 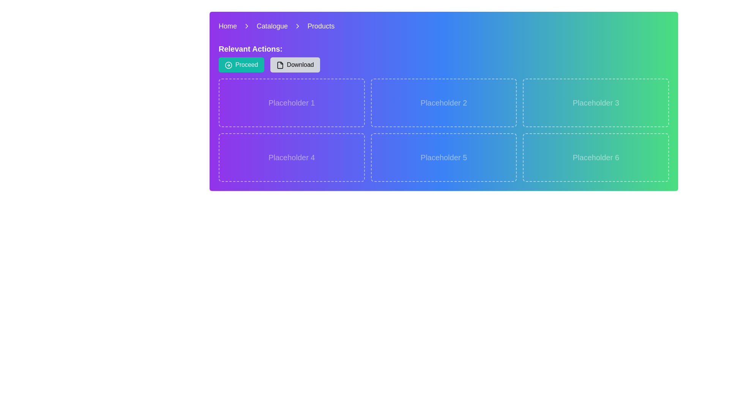 I want to click on the circular teal icon representing a rightward pointing arrow located to the left of the 'Proceed' text within the 'Proceed' button, so click(x=228, y=64).